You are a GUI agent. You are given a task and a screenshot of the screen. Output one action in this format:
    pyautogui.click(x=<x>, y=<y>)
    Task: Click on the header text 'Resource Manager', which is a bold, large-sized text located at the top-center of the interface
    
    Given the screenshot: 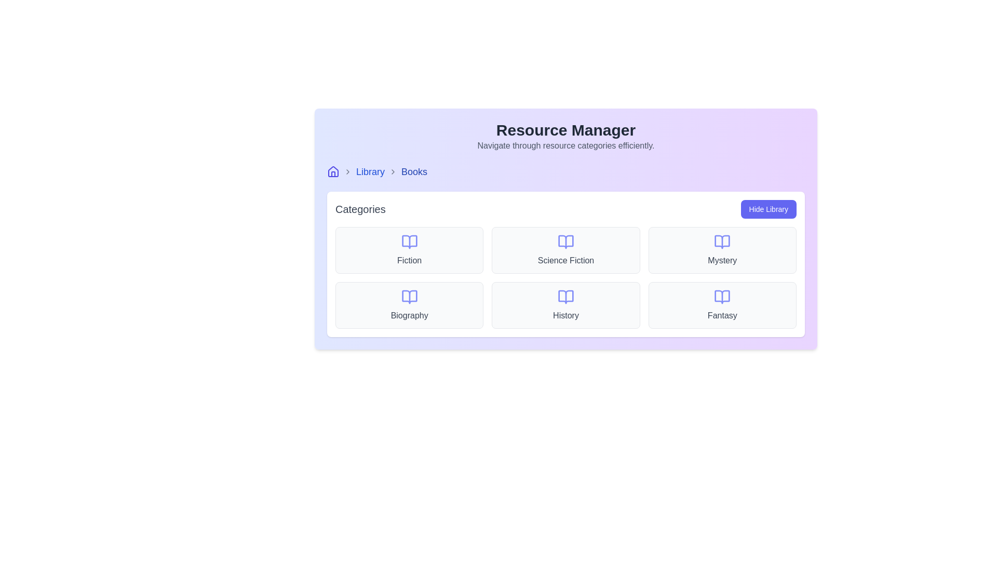 What is the action you would take?
    pyautogui.click(x=565, y=129)
    